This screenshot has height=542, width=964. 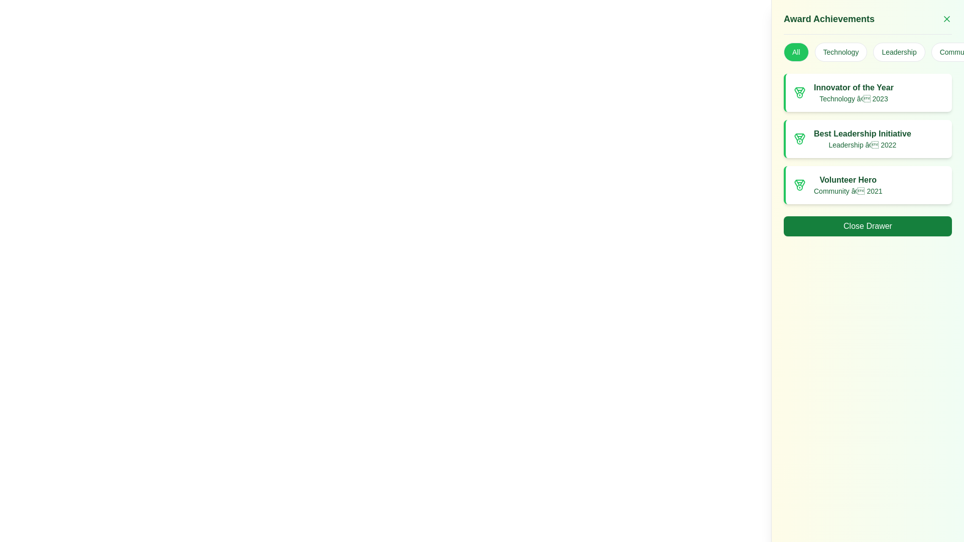 What do you see at coordinates (862, 133) in the screenshot?
I see `the text label named 'Best Leadership Initiative', which is located in the 'Award Achievements' section of the application` at bounding box center [862, 133].